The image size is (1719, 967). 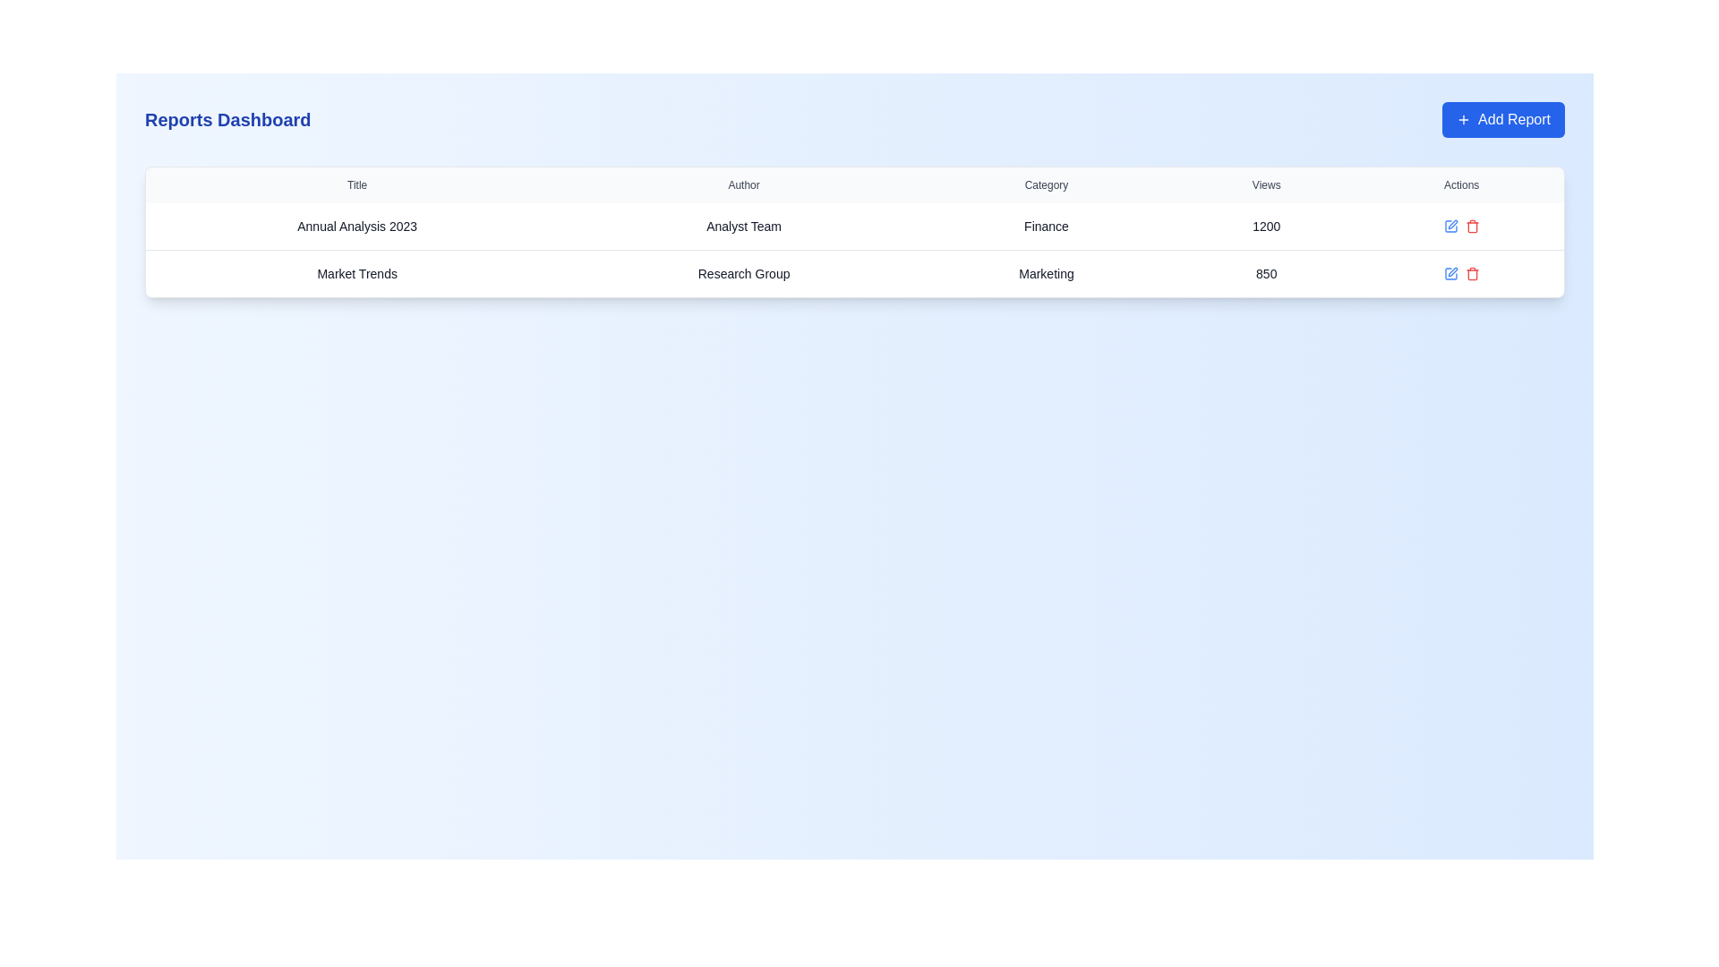 I want to click on the text label displaying '850' in the 'Views' column of the table, located in the second row under 'Market Trends', so click(x=1265, y=273).